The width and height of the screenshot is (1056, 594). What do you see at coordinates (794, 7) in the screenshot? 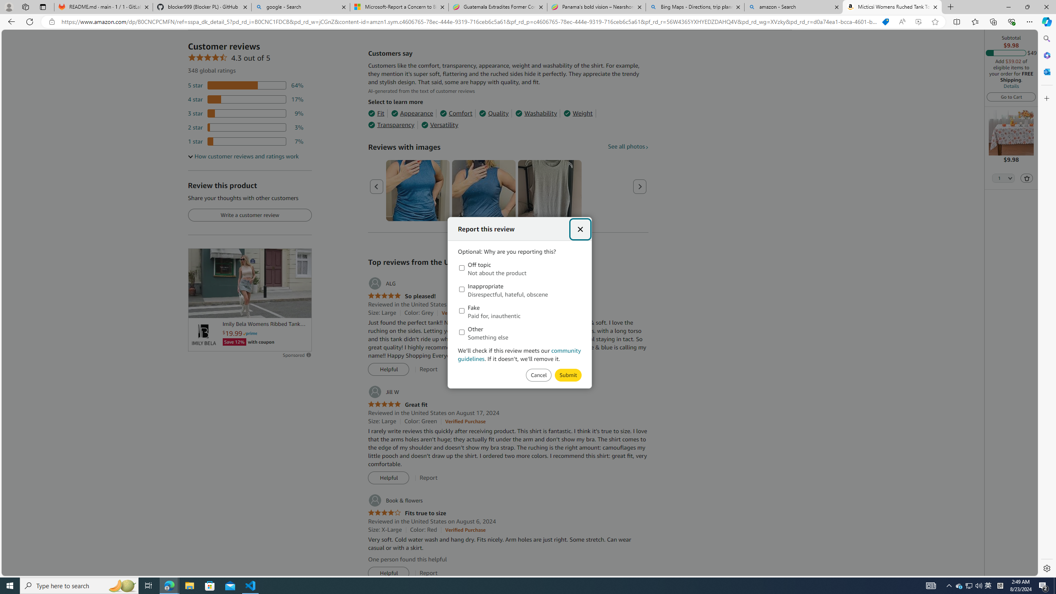
I see `'amazon - Search'` at bounding box center [794, 7].